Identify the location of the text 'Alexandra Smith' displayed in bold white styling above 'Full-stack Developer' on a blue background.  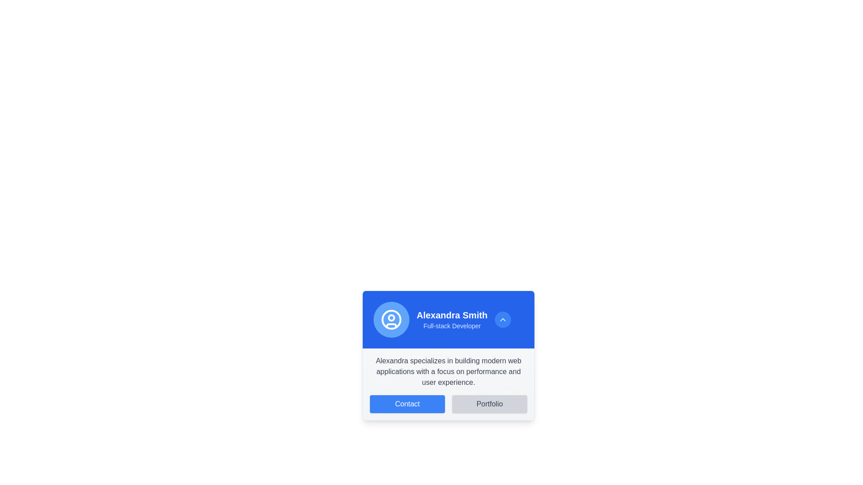
(452, 319).